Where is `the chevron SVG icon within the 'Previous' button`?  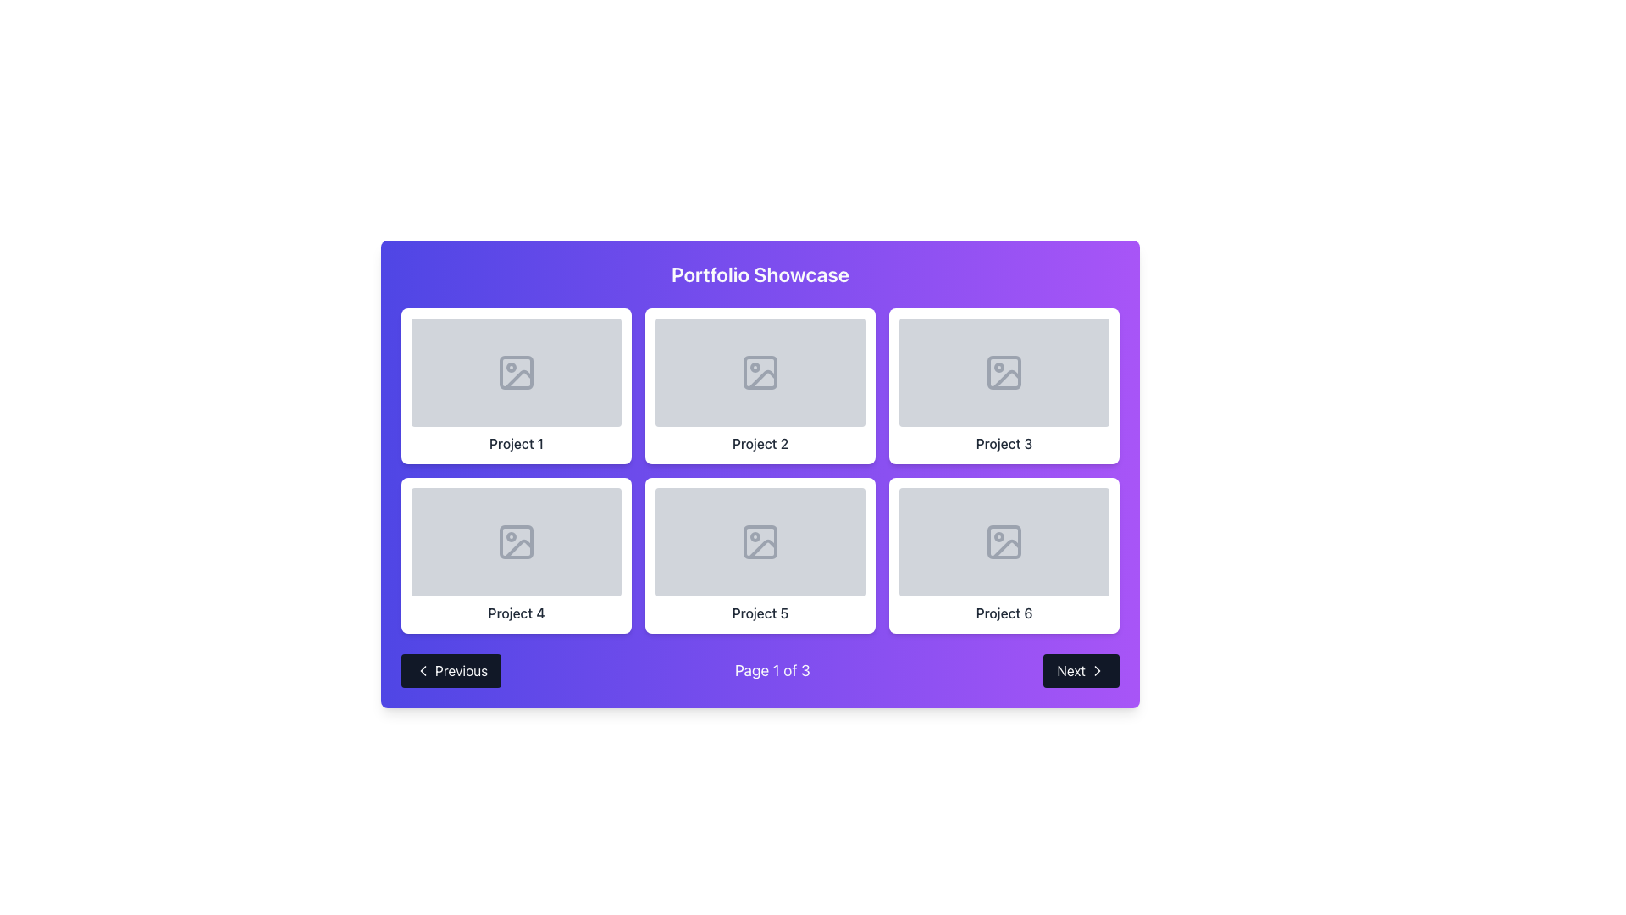 the chevron SVG icon within the 'Previous' button is located at coordinates (423, 669).